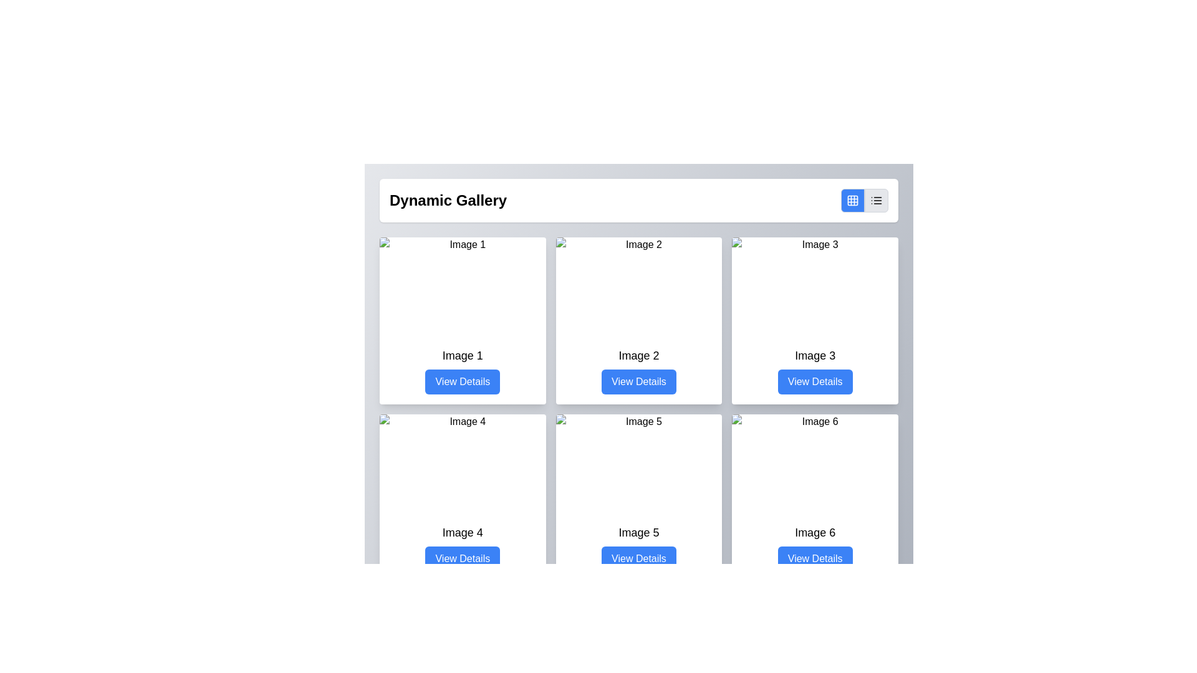  What do you see at coordinates (815, 381) in the screenshot?
I see `the 'View Details' button located below the text 'Image 3' in the first row of the grid layout to observe the hover effect` at bounding box center [815, 381].